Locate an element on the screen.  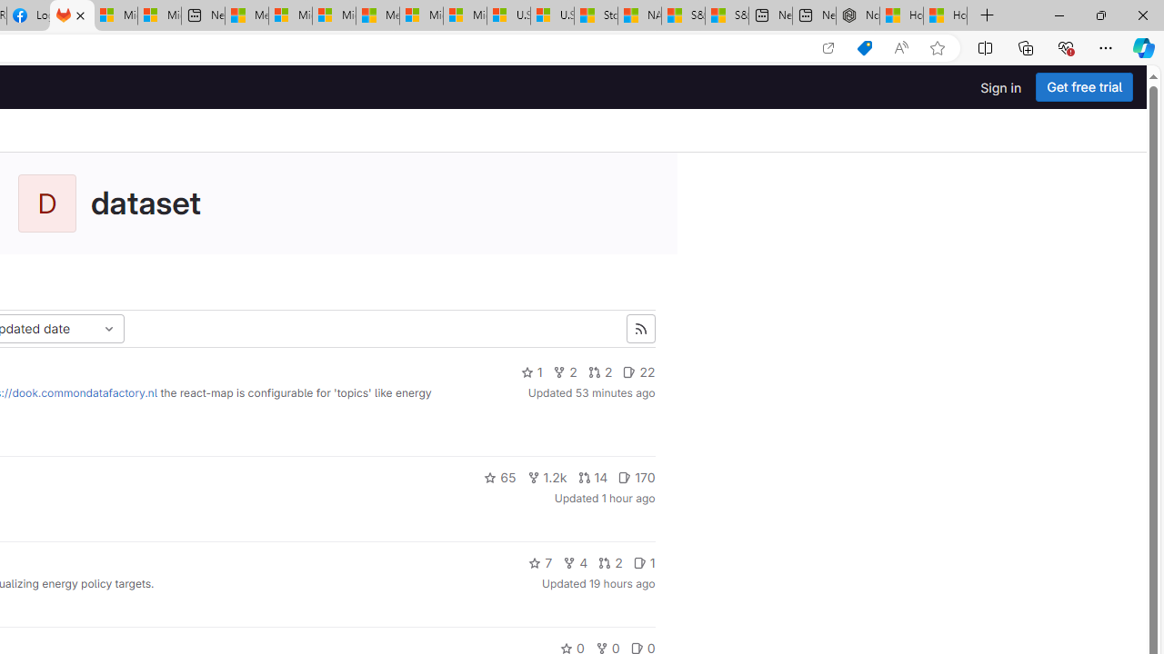
'S&P 500, Nasdaq end lower, weighed by Nvidia dip | Watch' is located at coordinates (726, 15).